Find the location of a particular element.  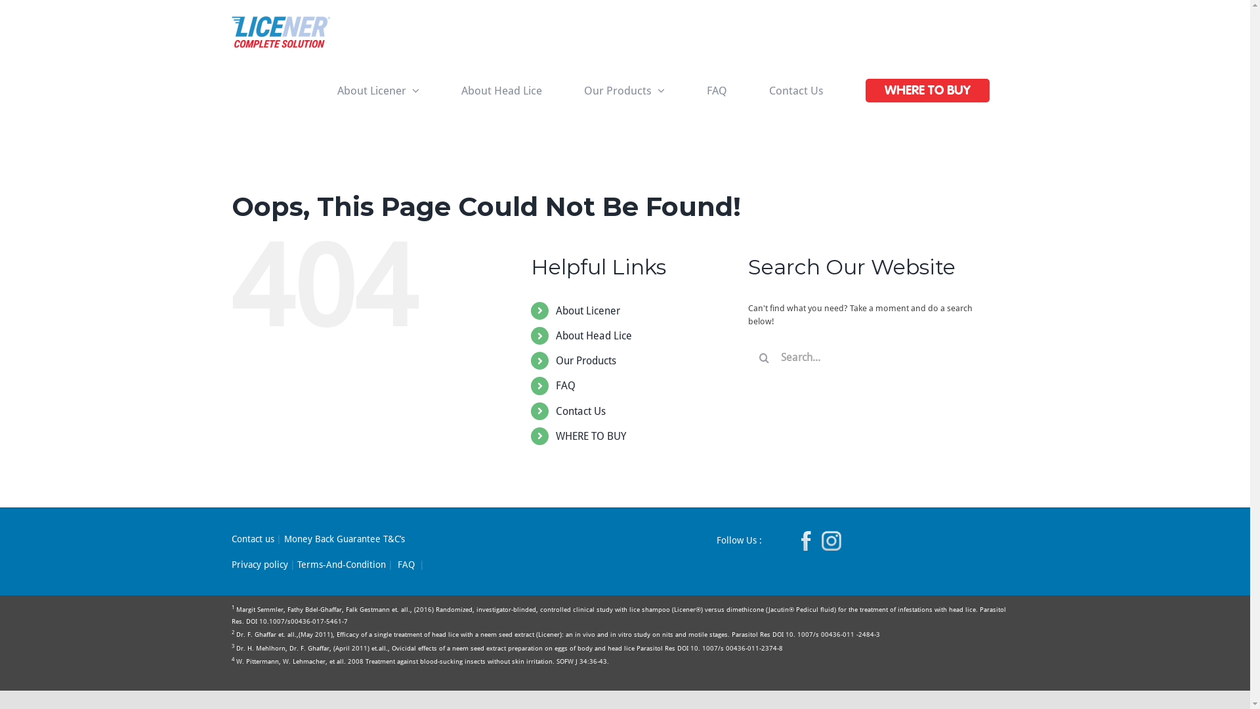

'Privacy policy' is located at coordinates (230, 564).